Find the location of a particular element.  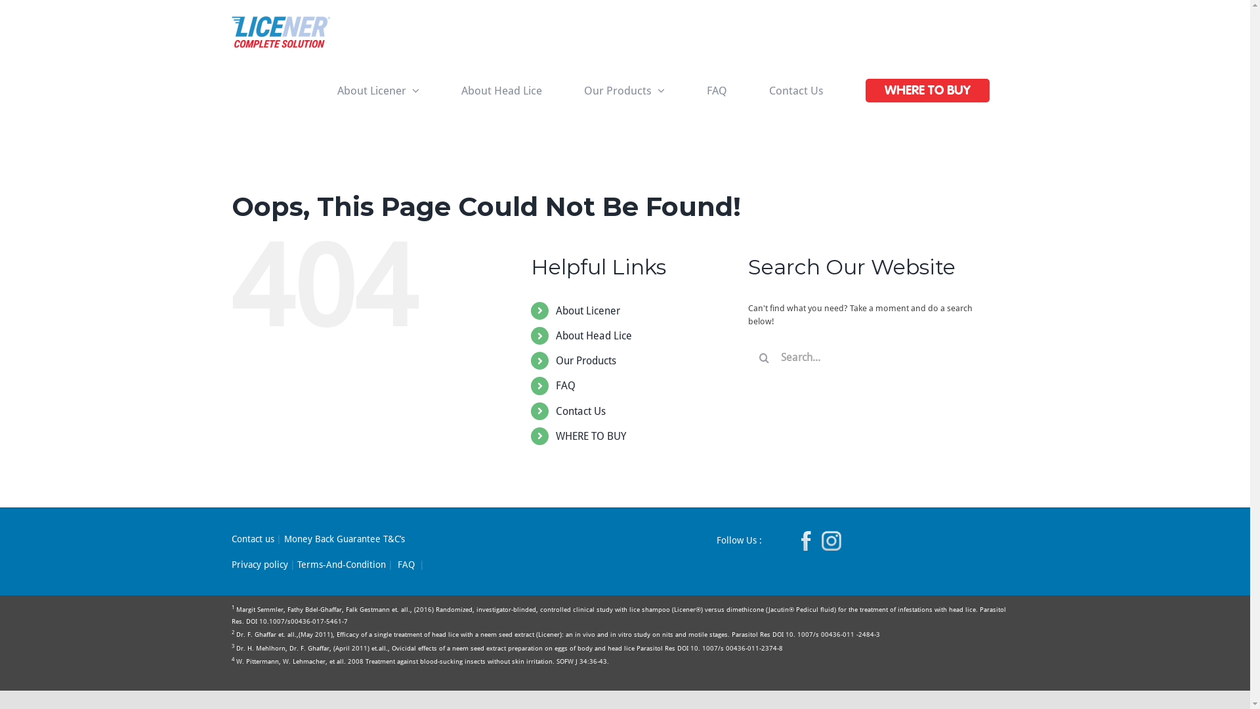

'Privacy policy' is located at coordinates (230, 564).